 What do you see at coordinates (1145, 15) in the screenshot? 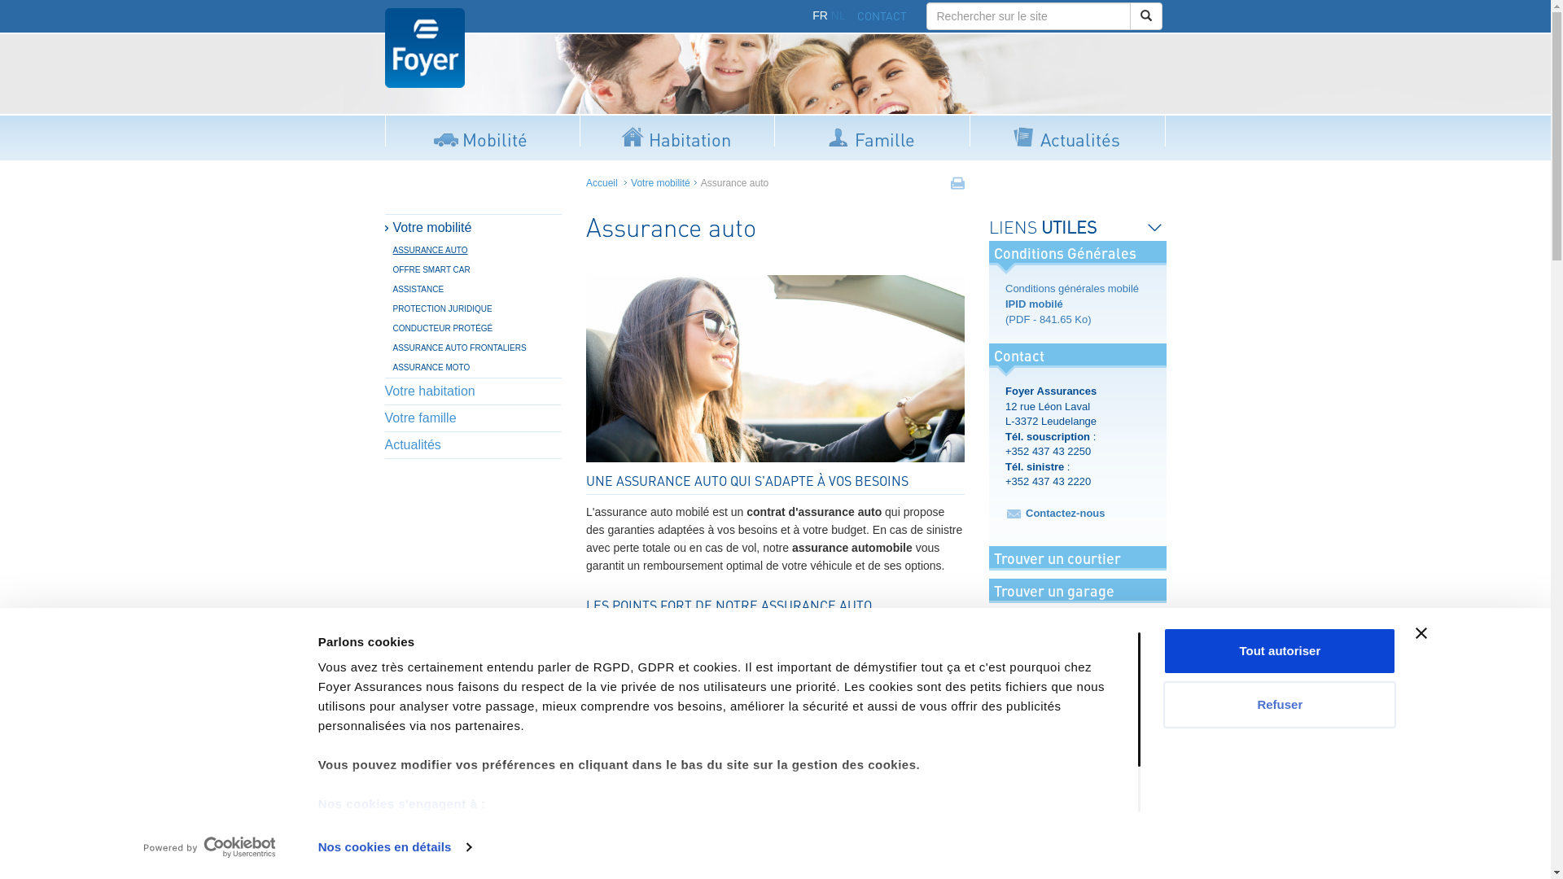
I see `'Rechercher'` at bounding box center [1145, 15].